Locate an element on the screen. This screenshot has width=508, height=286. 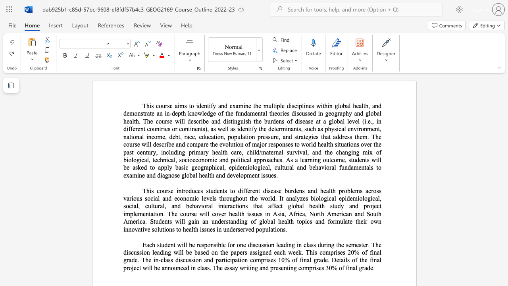
the subset text "ioral fundamentals to examine and diagnose global health and development issues" within the text "geographical, epidemiological, cultural and behavioral fundamentals to examine and diagnose global health and development issues." is located at coordinates (324, 167).